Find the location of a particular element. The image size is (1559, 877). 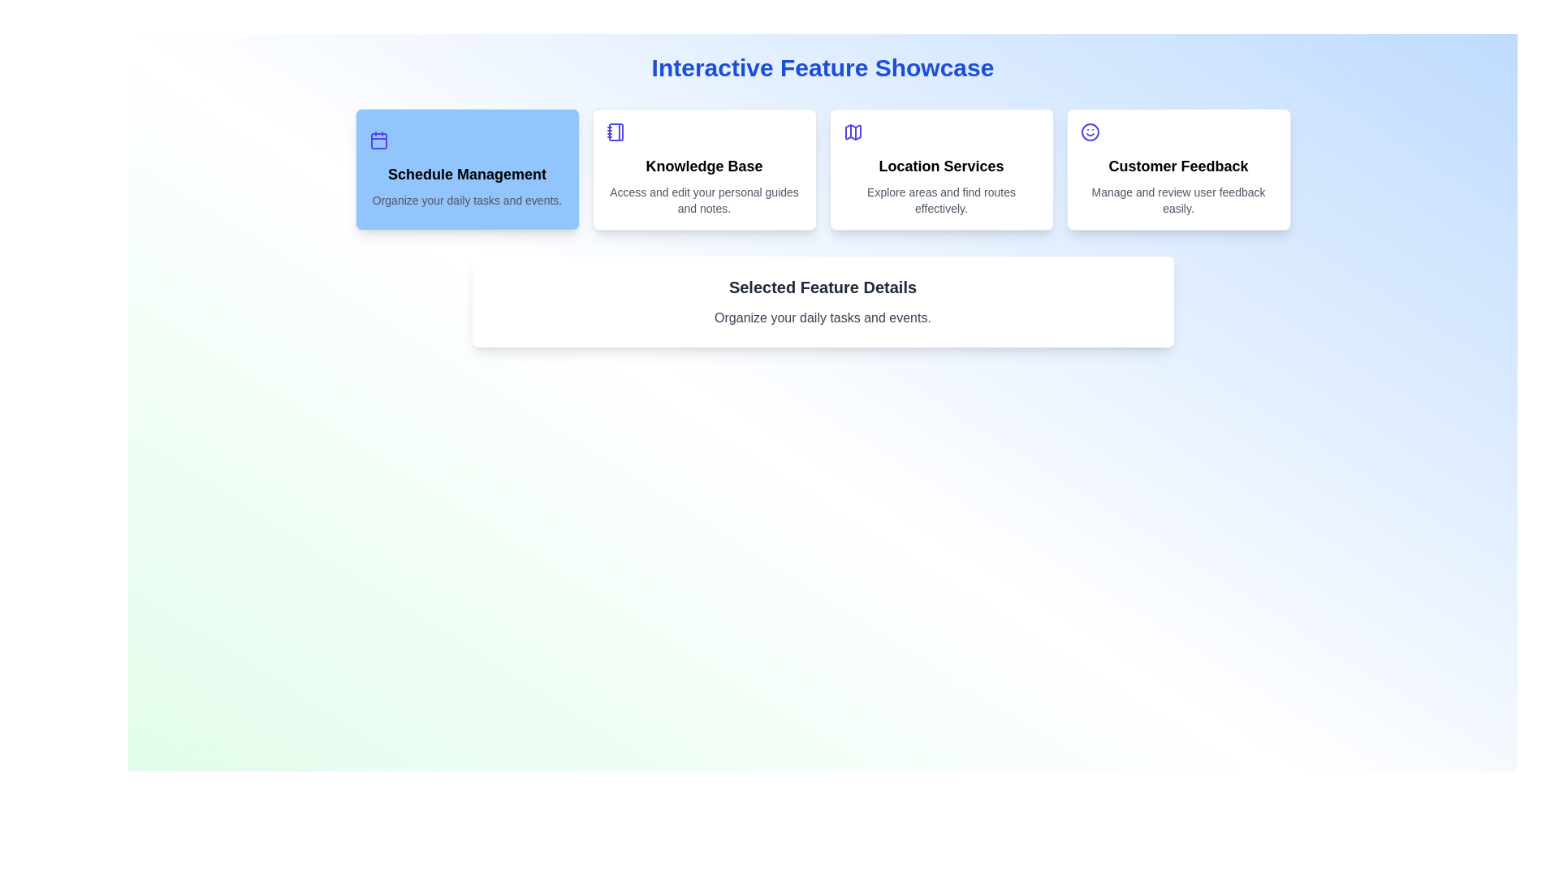

the location services icon, which is a stylized map with folded creases, located in the third card labeled 'Location Services' is located at coordinates (852, 131).